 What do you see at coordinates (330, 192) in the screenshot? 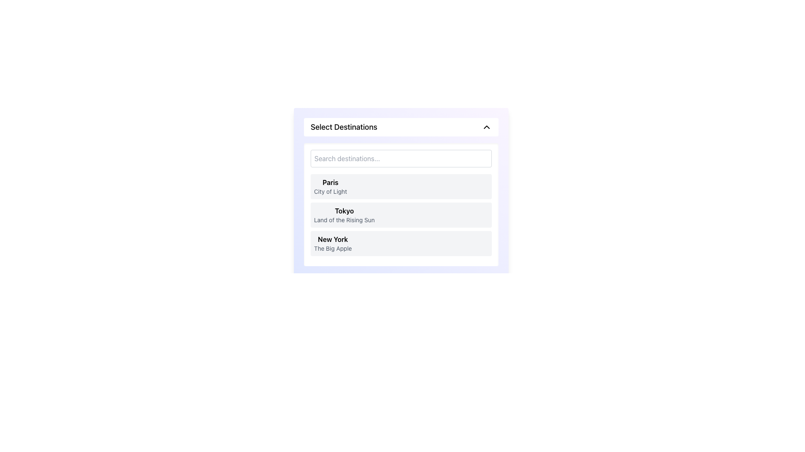
I see `the Static Text that serves as a descriptive tagline for the city of Paris, positioned below the 'Paris' text in the list item` at bounding box center [330, 192].